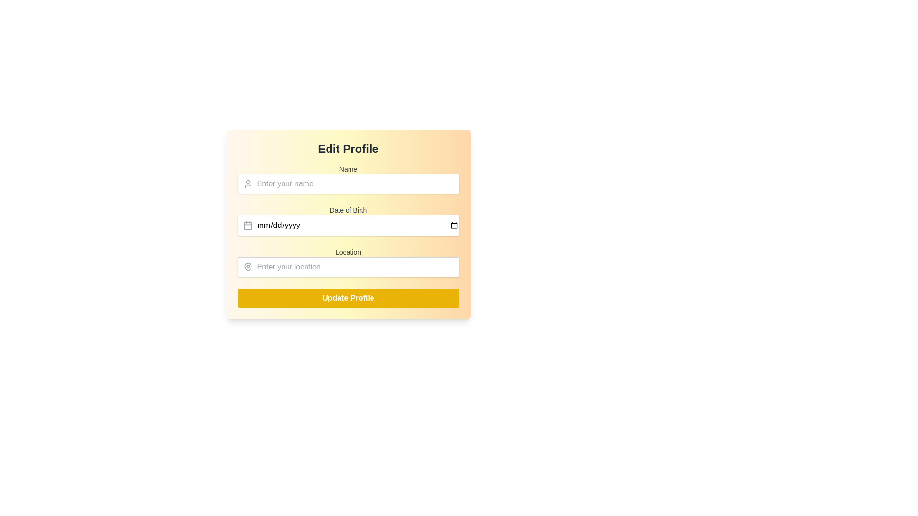 The width and height of the screenshot is (918, 516). What do you see at coordinates (248, 226) in the screenshot?
I see `the calendar detail icon, which is a rounded rectangle styled to resemble a miniature calendar page, located to the left of the 'Date of Birth' input field` at bounding box center [248, 226].